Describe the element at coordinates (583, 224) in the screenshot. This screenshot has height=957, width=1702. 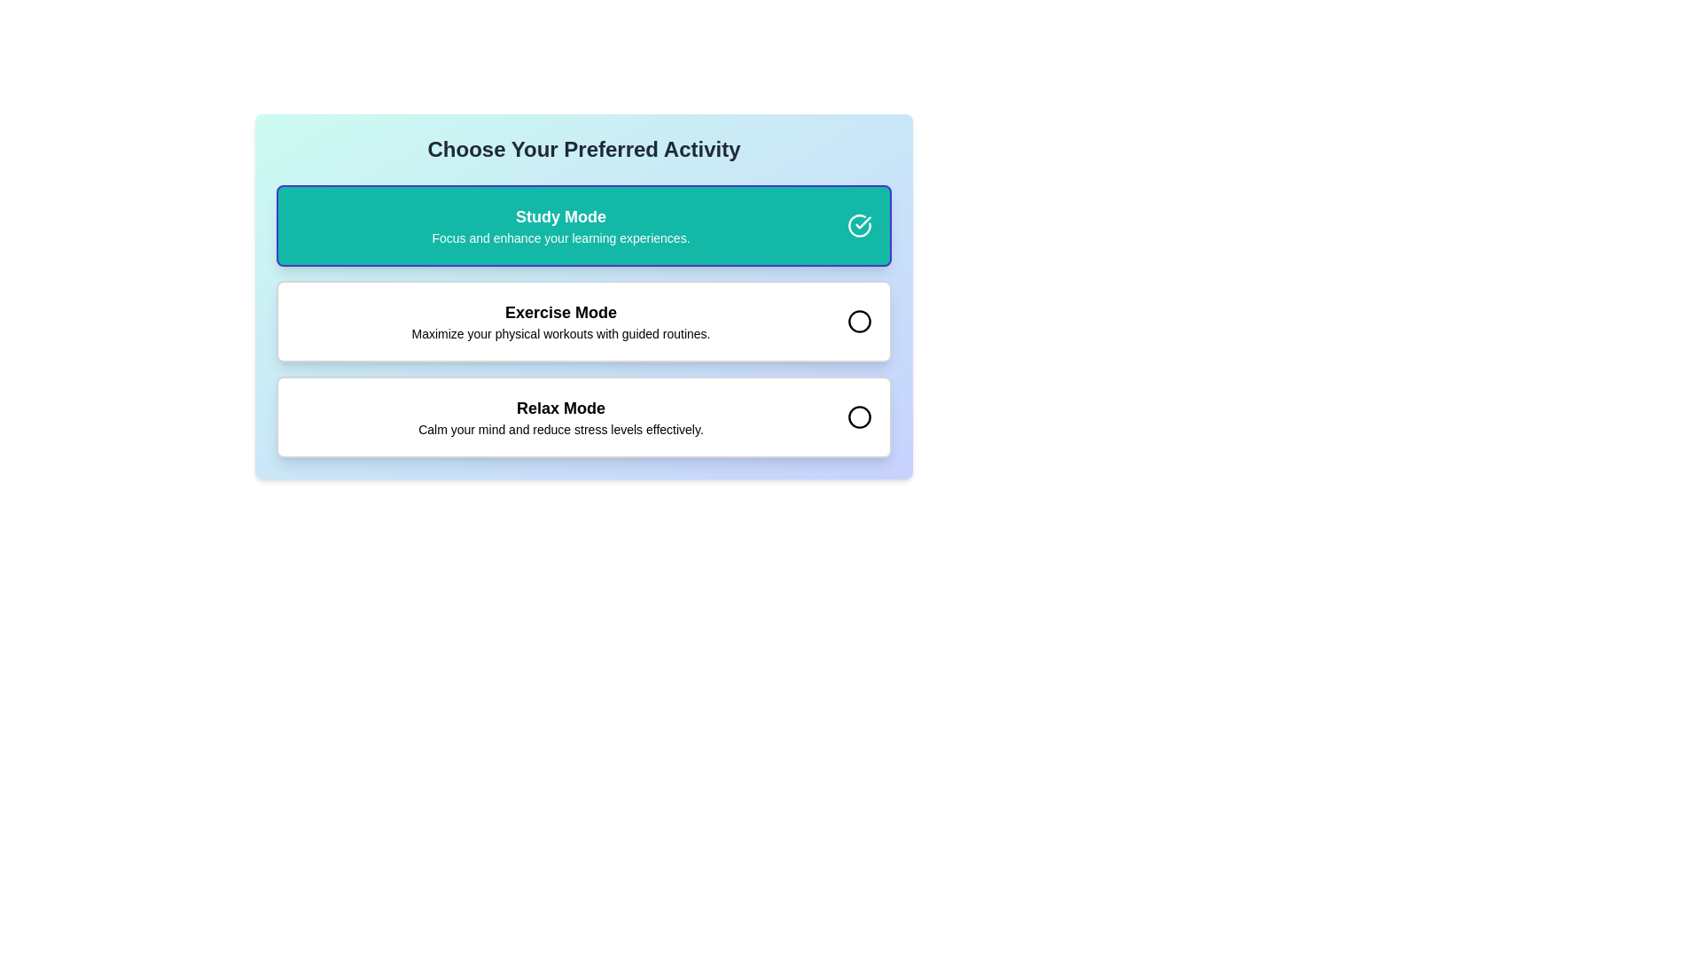
I see `the 'Study Mode' button, which is the first option in a vertically aligned list of three buttons` at that location.